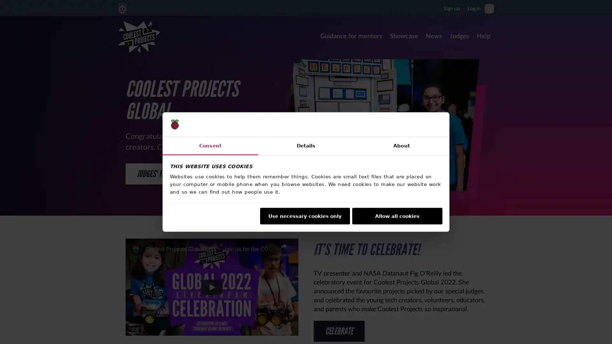 This screenshot has height=344, width=612. I want to click on Use necessary cookies only, so click(304, 216).